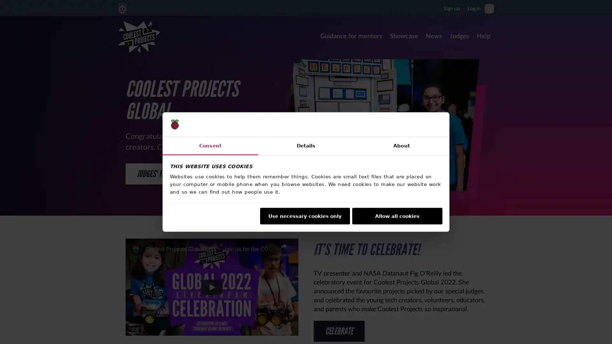 This screenshot has height=344, width=612. I want to click on Use necessary cookies only, so click(304, 216).